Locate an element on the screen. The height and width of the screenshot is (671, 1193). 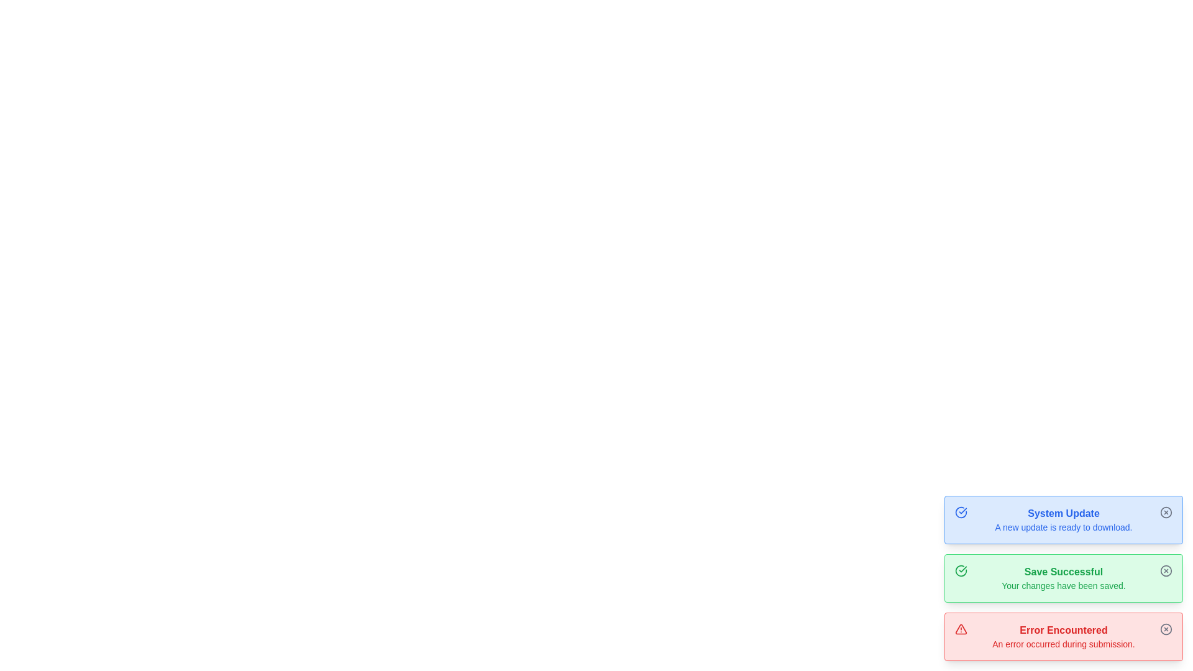
the text label displaying 'Error Encountered' in bold red font at the top of the error notification card is located at coordinates (1063, 630).